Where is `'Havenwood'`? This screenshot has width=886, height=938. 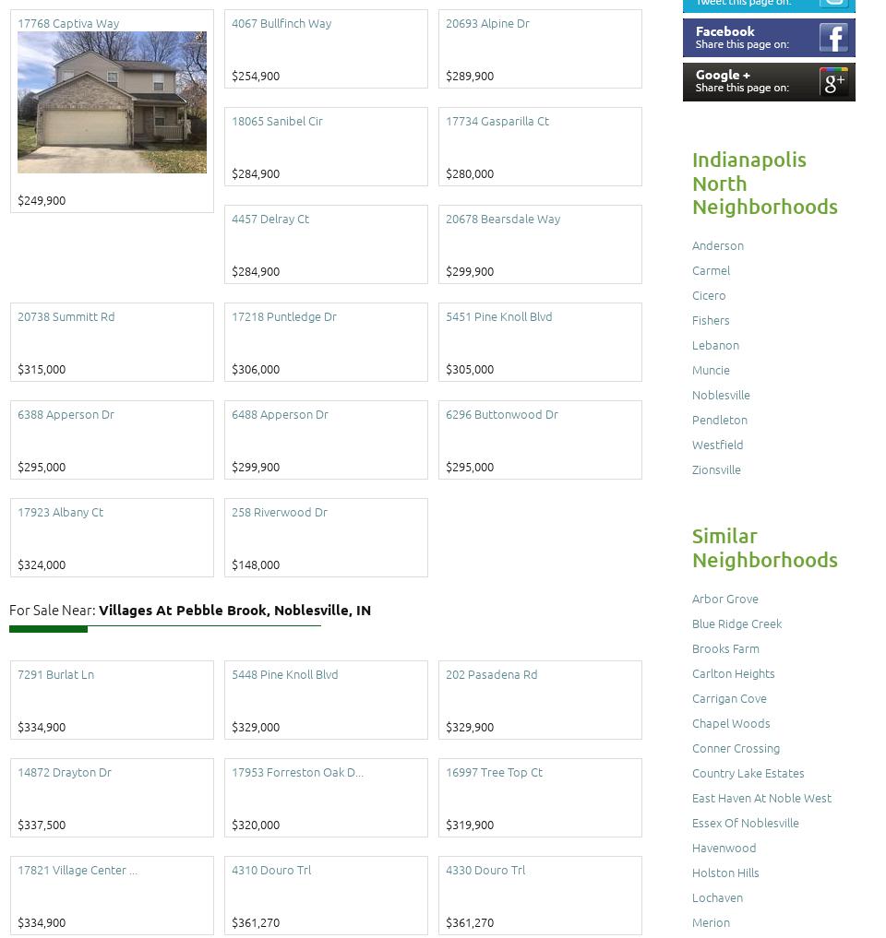 'Havenwood' is located at coordinates (724, 846).